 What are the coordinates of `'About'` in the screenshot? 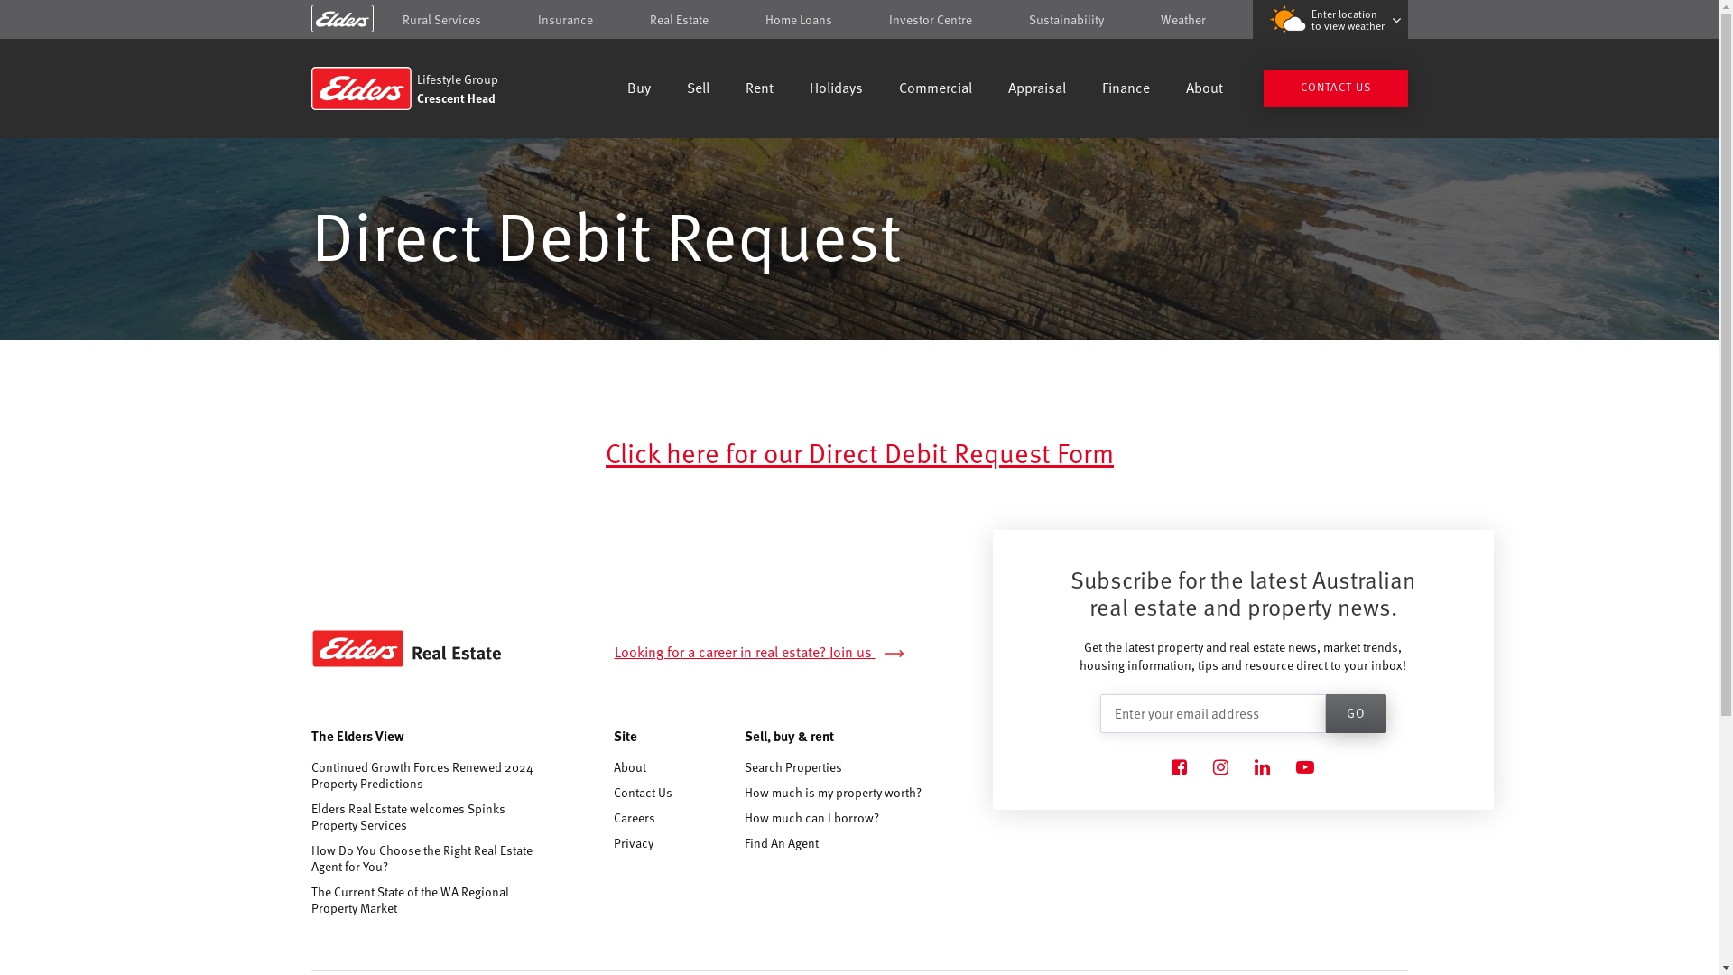 It's located at (1204, 89).